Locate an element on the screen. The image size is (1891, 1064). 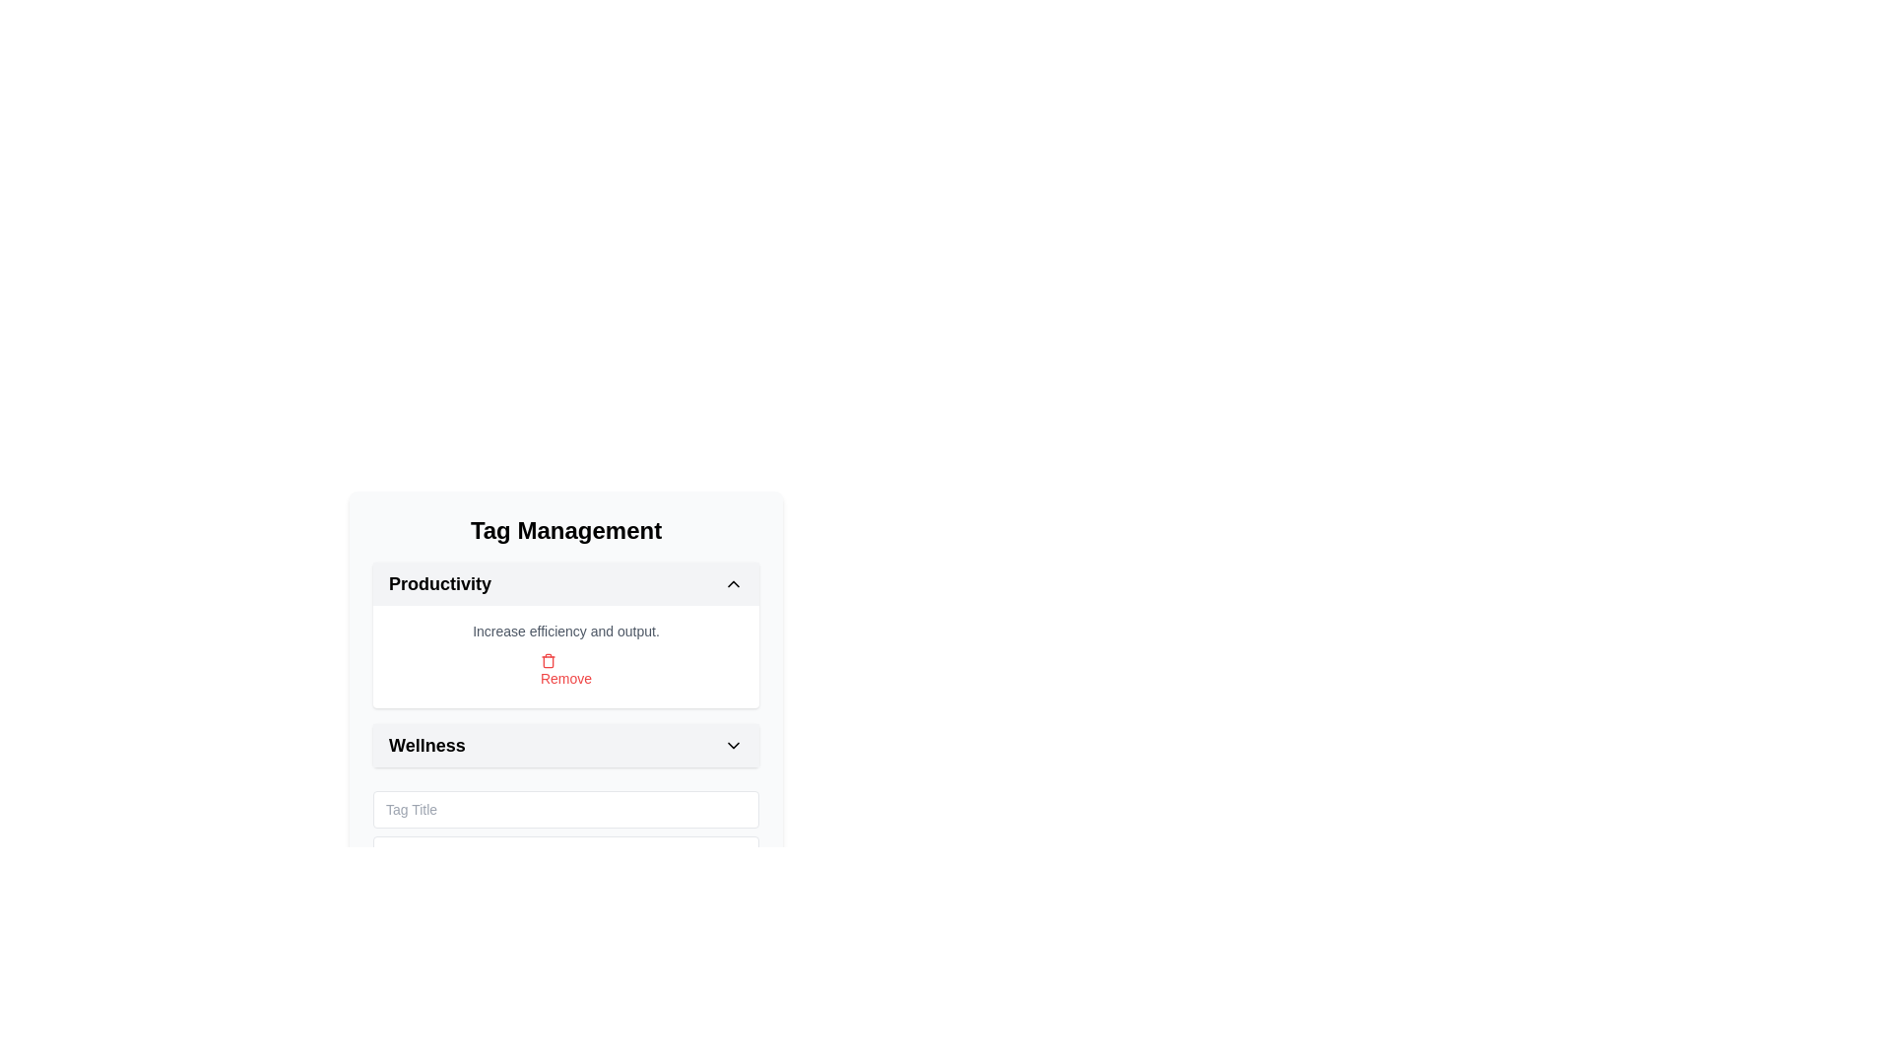
the static text element displaying 'Increase efficiency and output.' which is styled in a small, gray font and positioned above the 'Remove' button is located at coordinates (565, 631).